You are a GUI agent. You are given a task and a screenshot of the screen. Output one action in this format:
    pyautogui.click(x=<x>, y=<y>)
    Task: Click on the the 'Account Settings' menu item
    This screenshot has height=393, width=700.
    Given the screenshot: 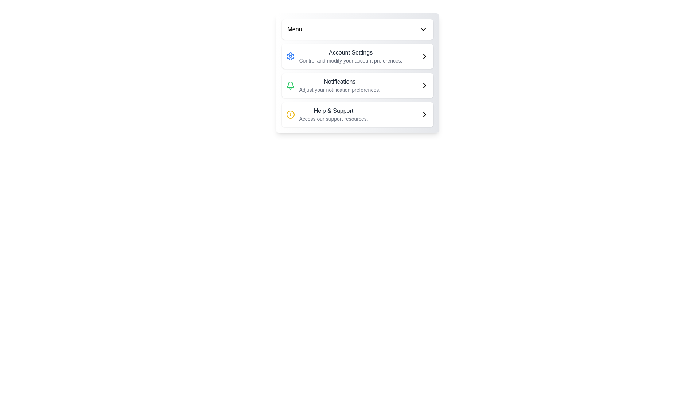 What is the action you would take?
    pyautogui.click(x=351, y=56)
    